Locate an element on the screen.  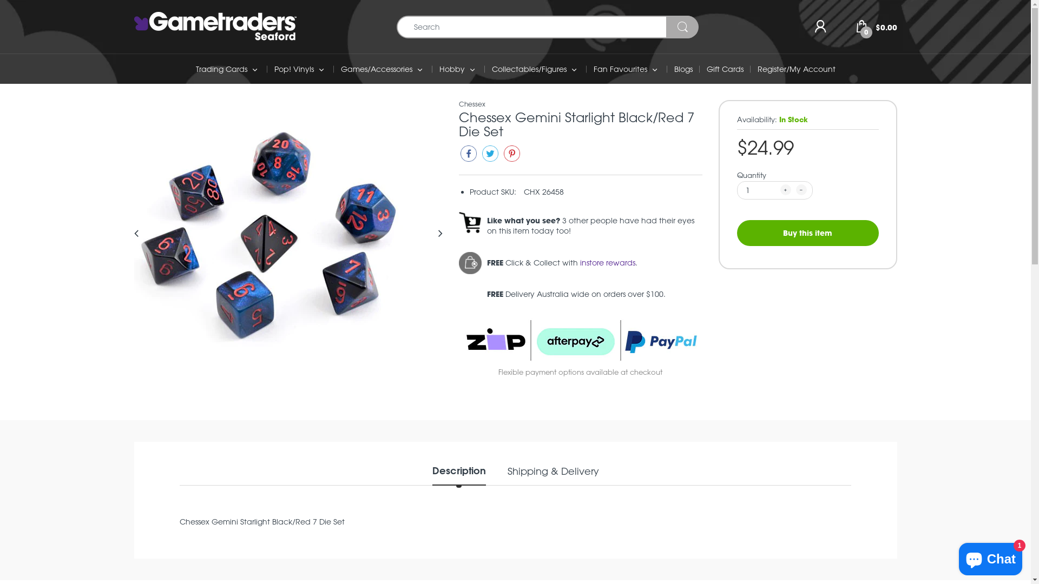
'Hobby' is located at coordinates (452, 69).